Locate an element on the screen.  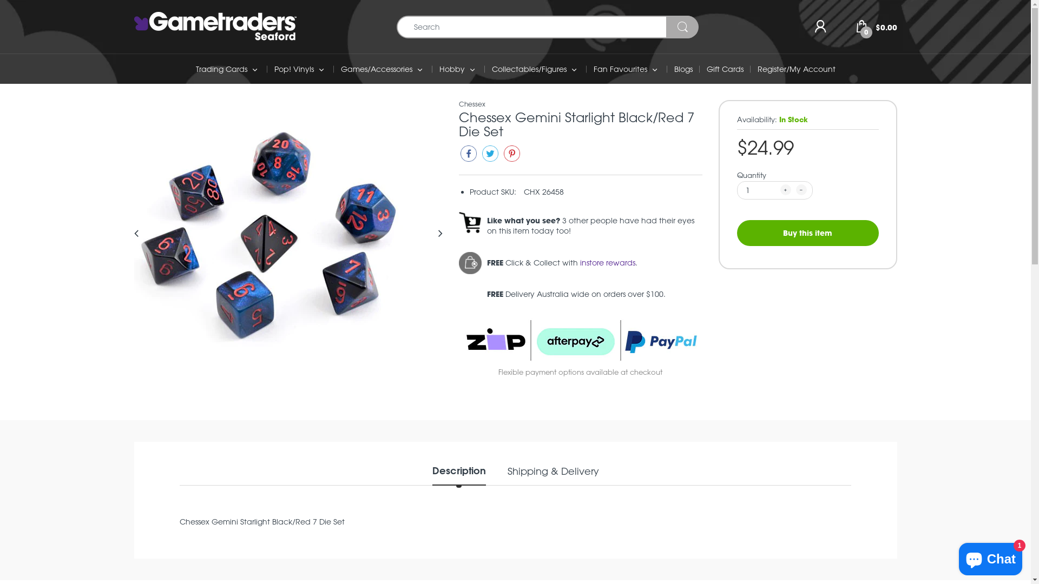
'Hobby' is located at coordinates (452, 69).